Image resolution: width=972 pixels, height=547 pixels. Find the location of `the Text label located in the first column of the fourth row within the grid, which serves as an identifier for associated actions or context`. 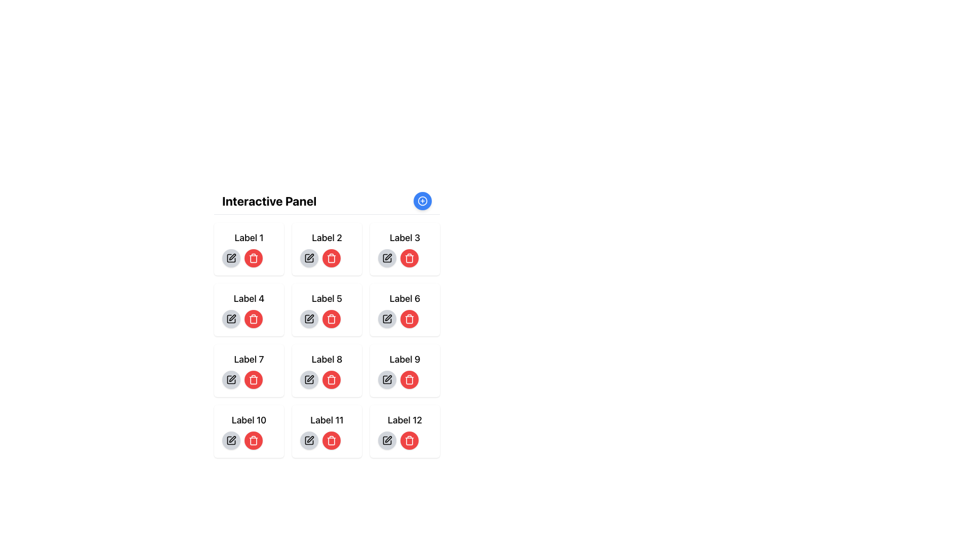

the Text label located in the first column of the fourth row within the grid, which serves as an identifier for associated actions or context is located at coordinates (249, 420).